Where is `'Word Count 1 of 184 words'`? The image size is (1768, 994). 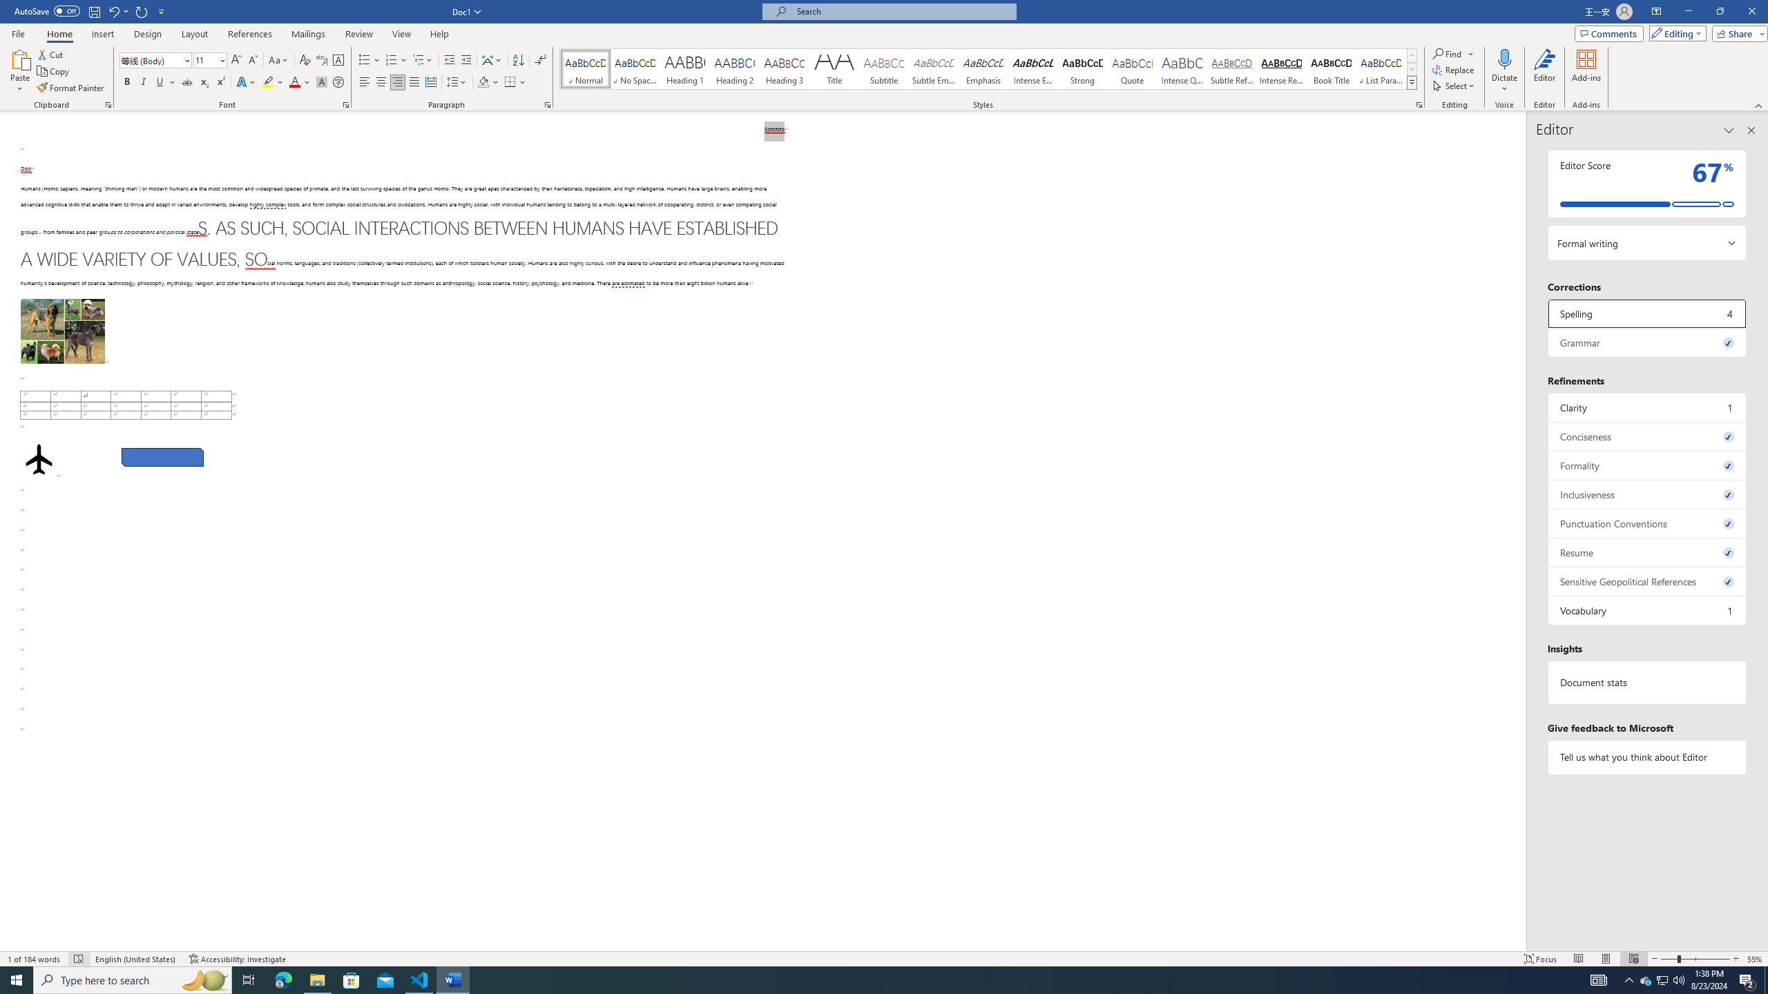
'Word Count 1 of 184 words' is located at coordinates (35, 959).